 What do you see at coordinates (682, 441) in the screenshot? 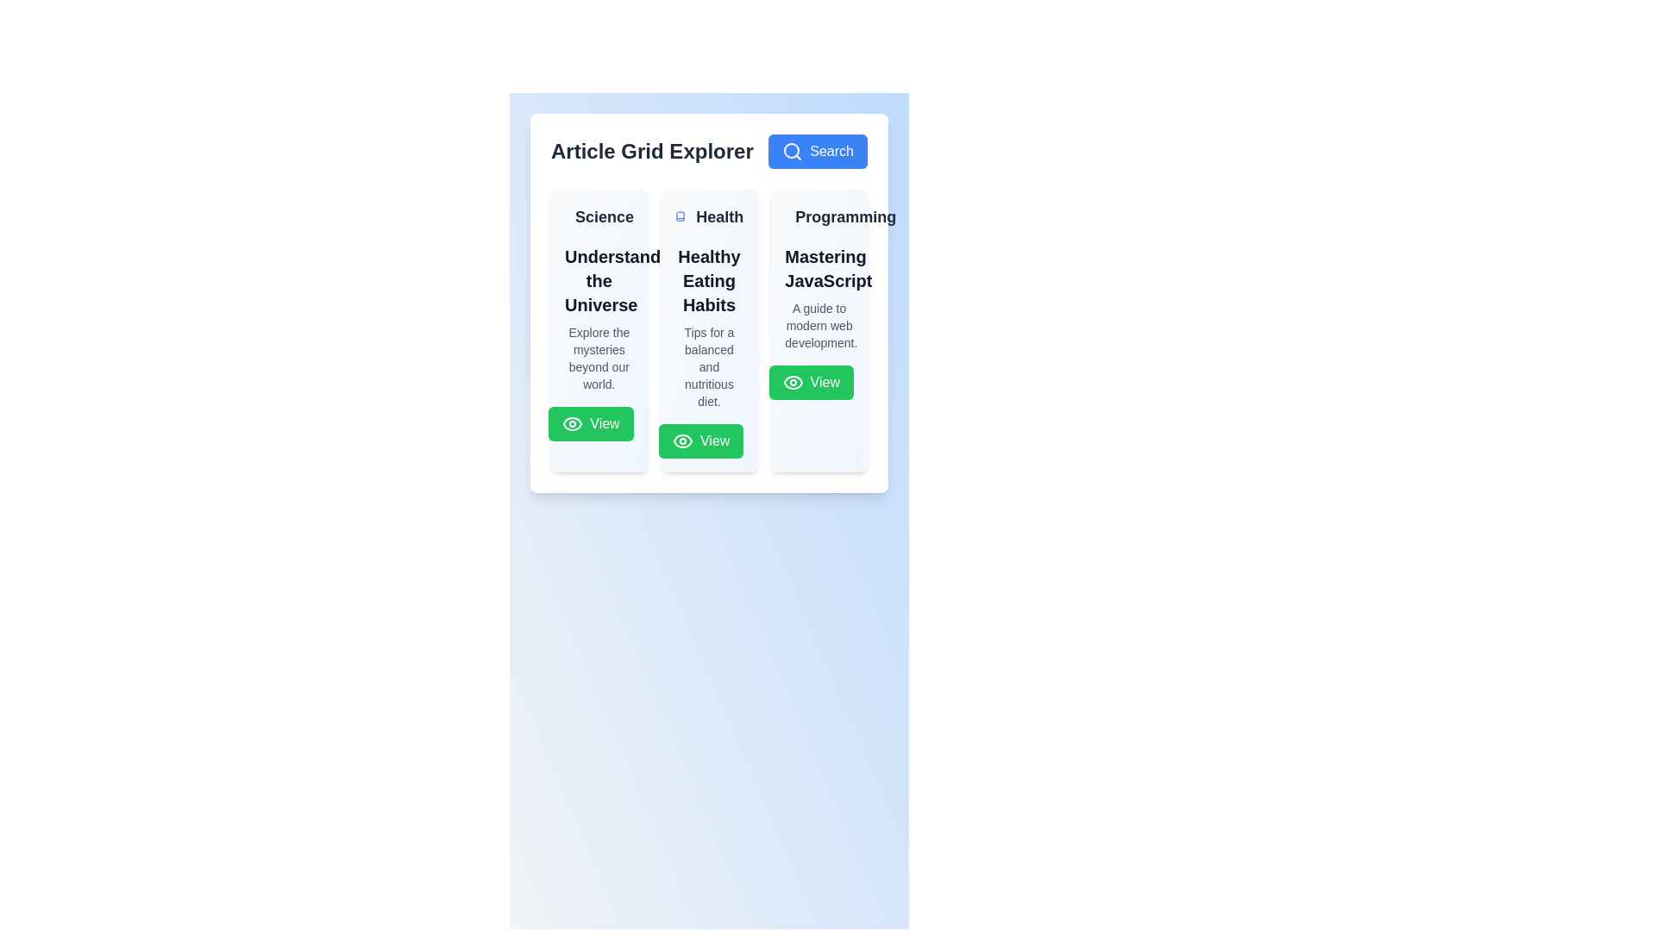
I see `outer frame of the eye icon SVG graphic element using developer tools` at bounding box center [682, 441].